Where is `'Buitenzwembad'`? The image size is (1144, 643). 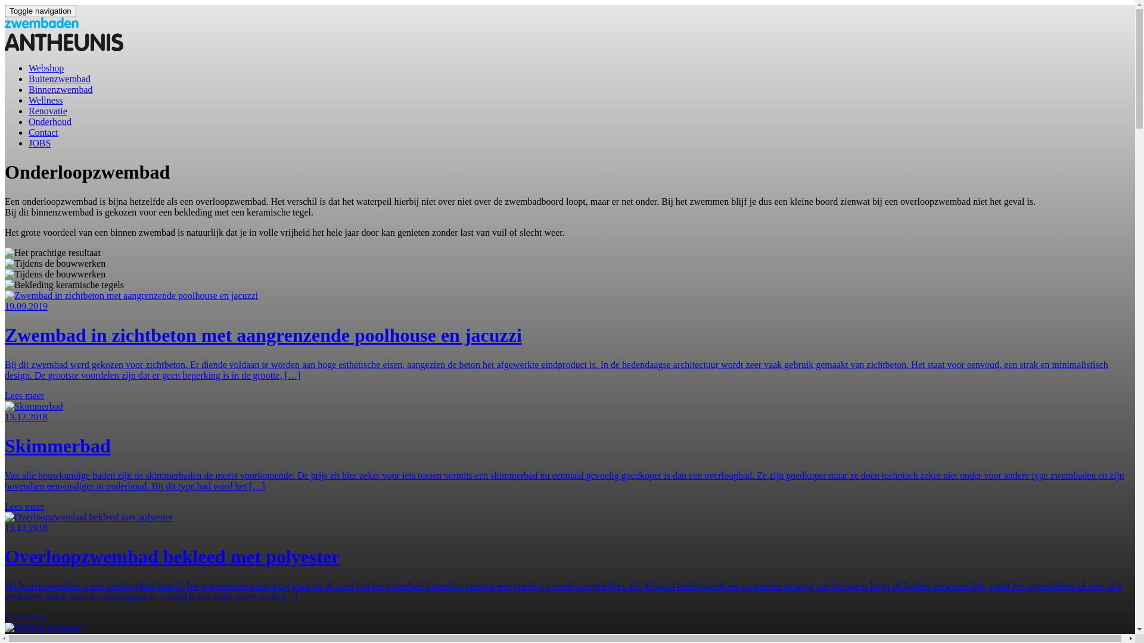 'Buitenzwembad' is located at coordinates (59, 79).